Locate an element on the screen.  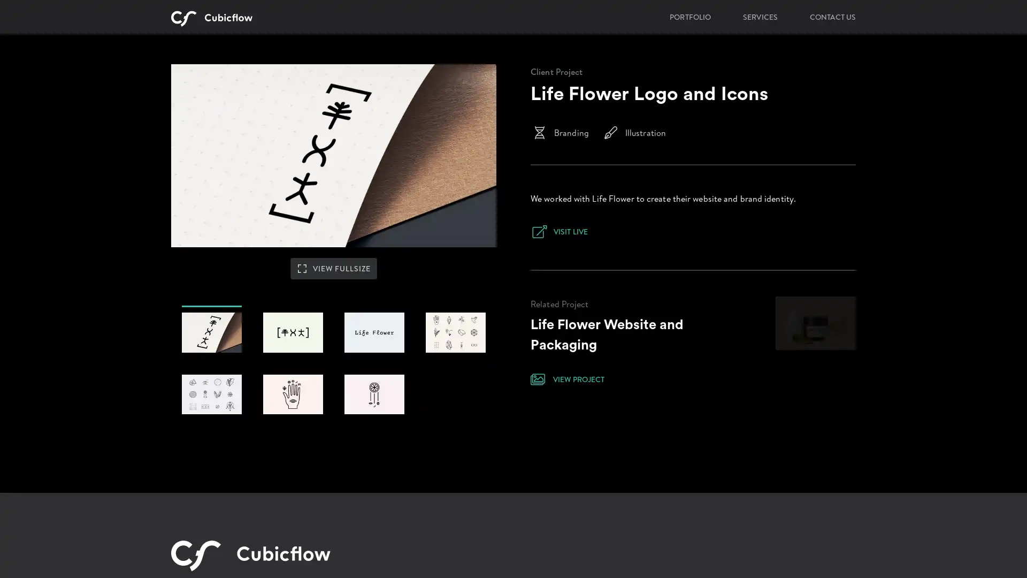
# is located at coordinates (455, 369).